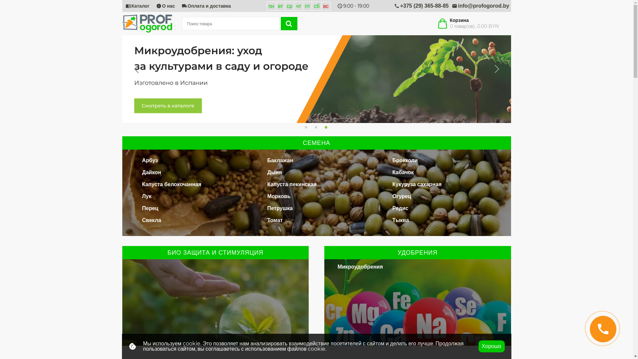 The height and width of the screenshot is (359, 638). What do you see at coordinates (421, 6) in the screenshot?
I see `'call` at bounding box center [421, 6].